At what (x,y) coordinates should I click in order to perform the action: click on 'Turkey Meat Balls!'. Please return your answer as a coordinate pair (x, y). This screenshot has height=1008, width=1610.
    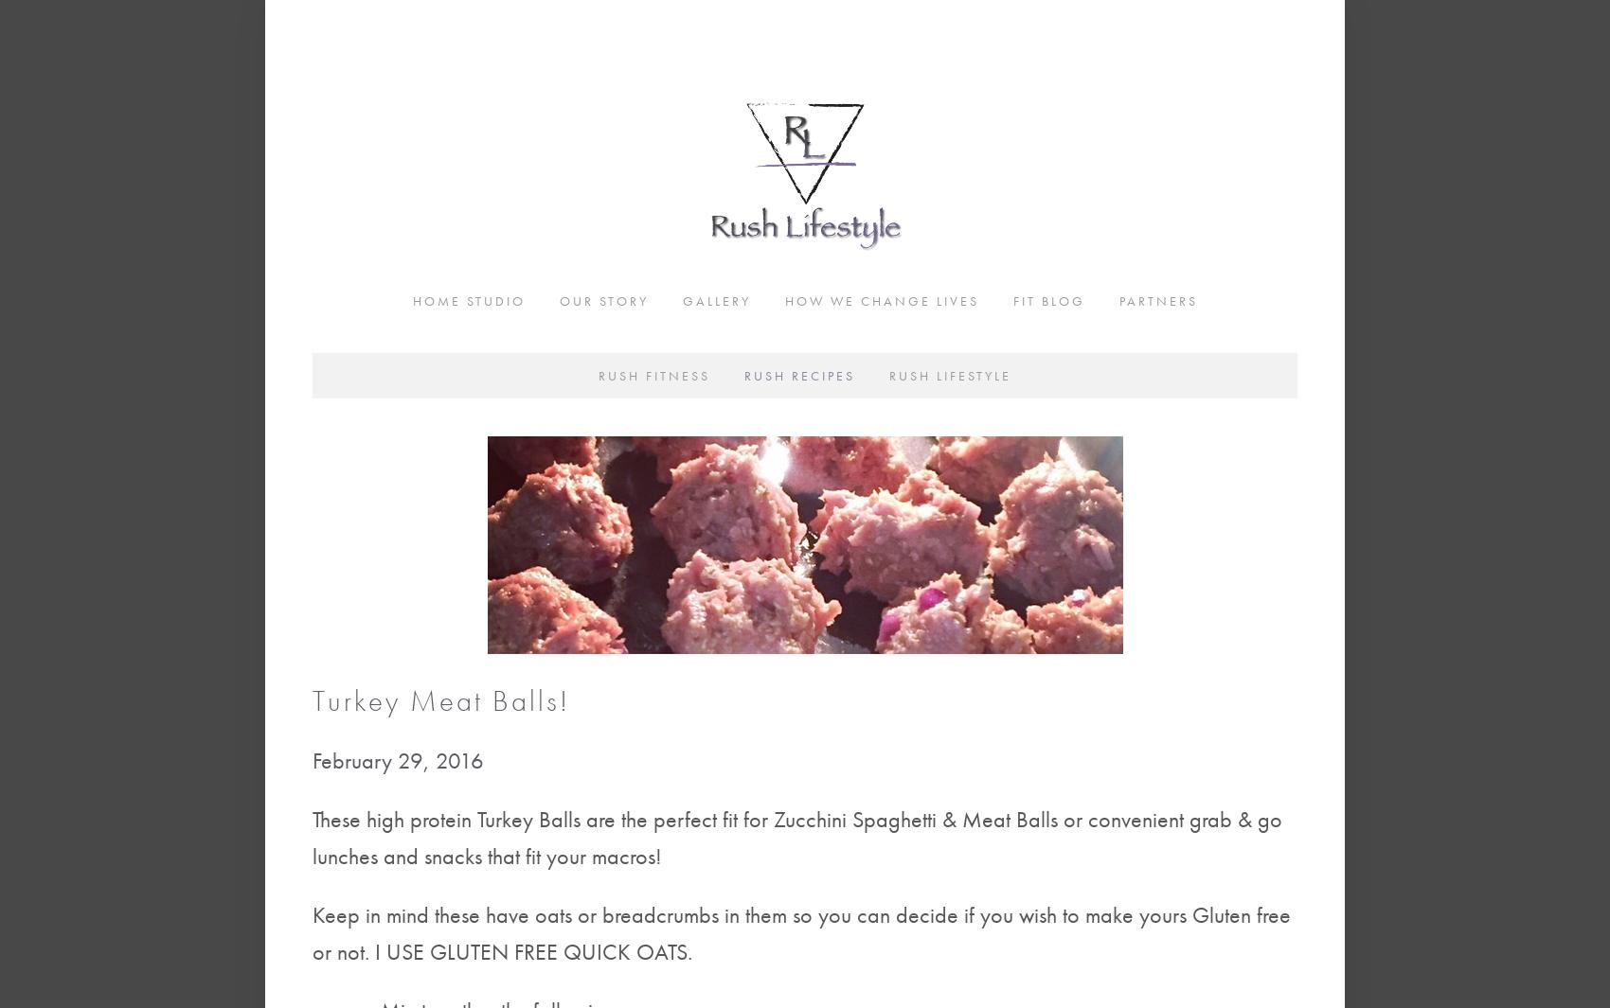
    Looking at the image, I should click on (440, 700).